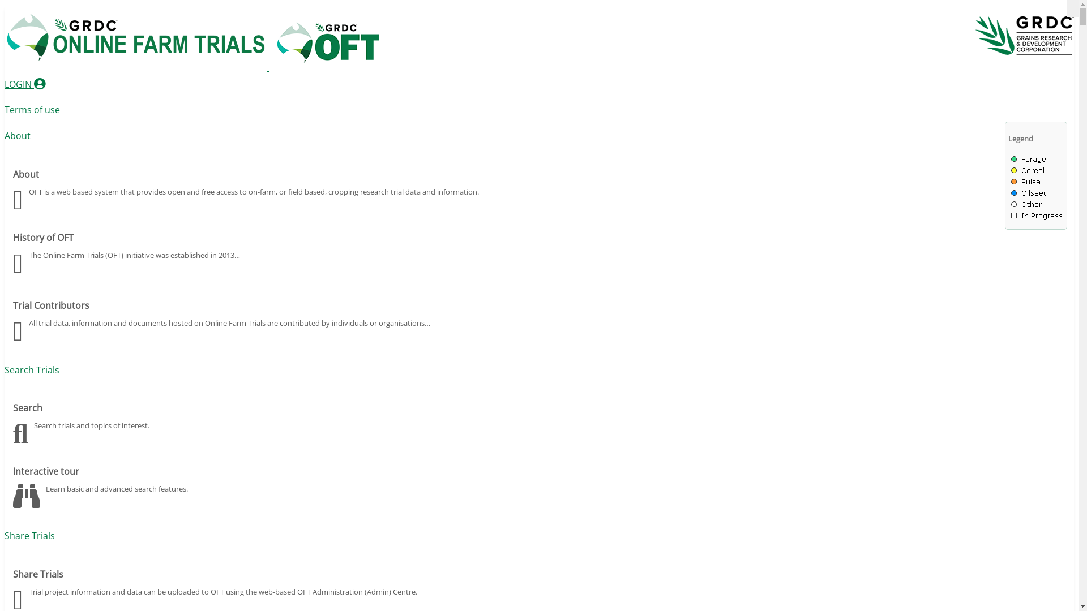  What do you see at coordinates (29, 535) in the screenshot?
I see `'Share Trials'` at bounding box center [29, 535].